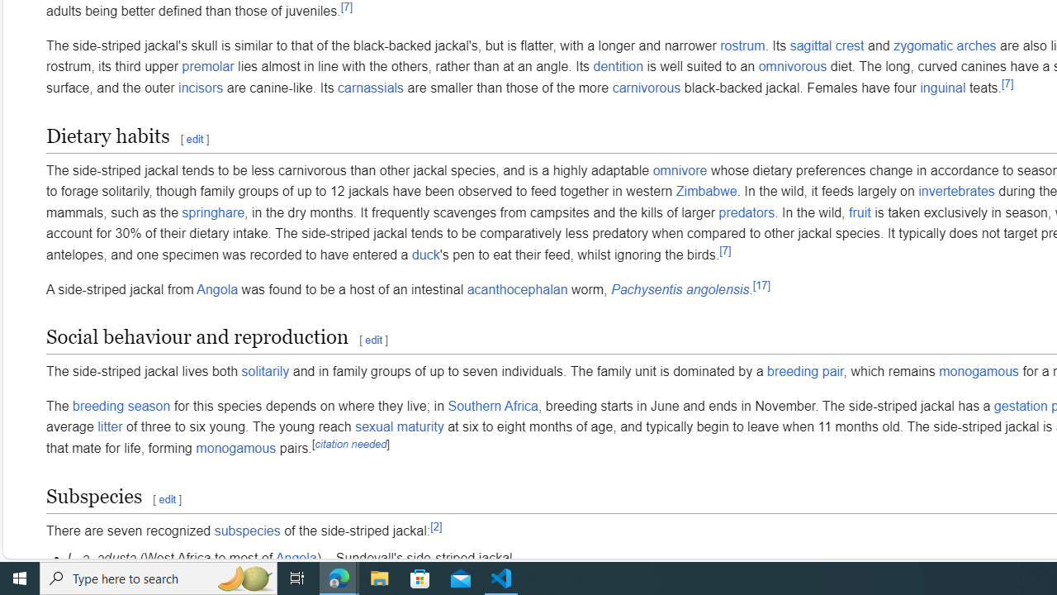  I want to click on 'carnassials', so click(370, 88).